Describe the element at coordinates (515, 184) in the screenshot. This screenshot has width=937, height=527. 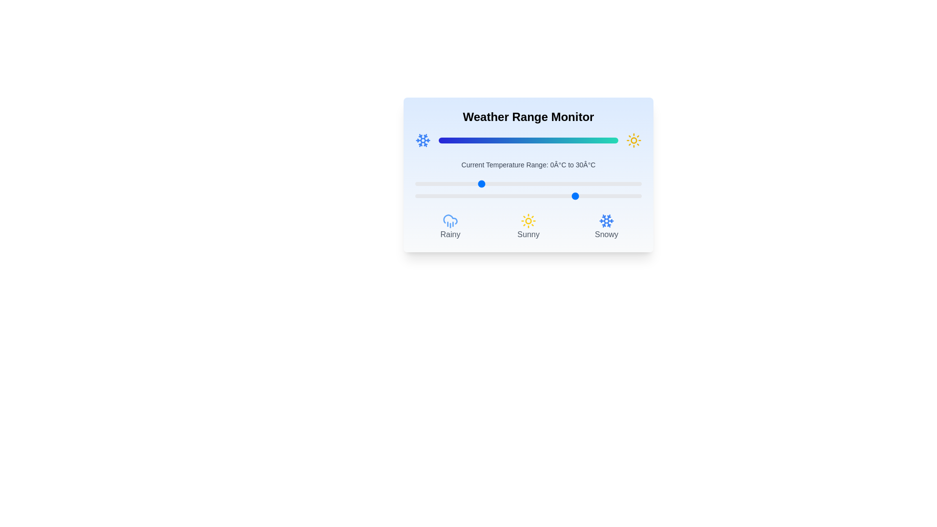
I see `the slider` at that location.